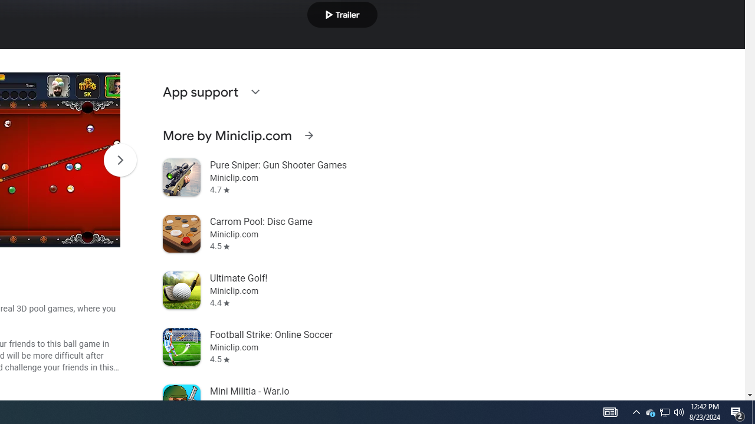 This screenshot has width=755, height=424. Describe the element at coordinates (308, 135) in the screenshot. I see `'See more information on More by Miniclip.com'` at that location.